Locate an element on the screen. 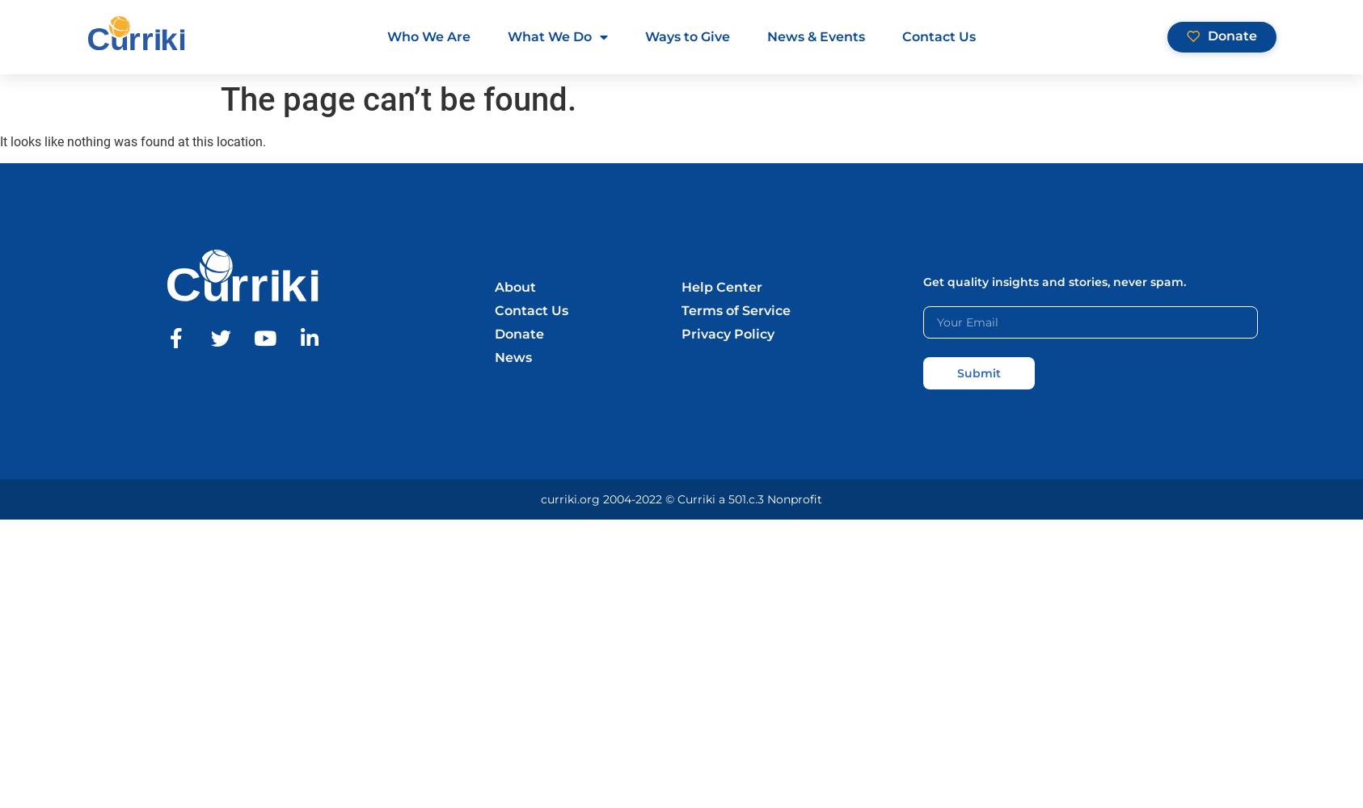 The height and width of the screenshot is (808, 1363). 'curriki.org 2004-2022 © Curriki a 501.c.3 Nonprofit' is located at coordinates (681, 498).